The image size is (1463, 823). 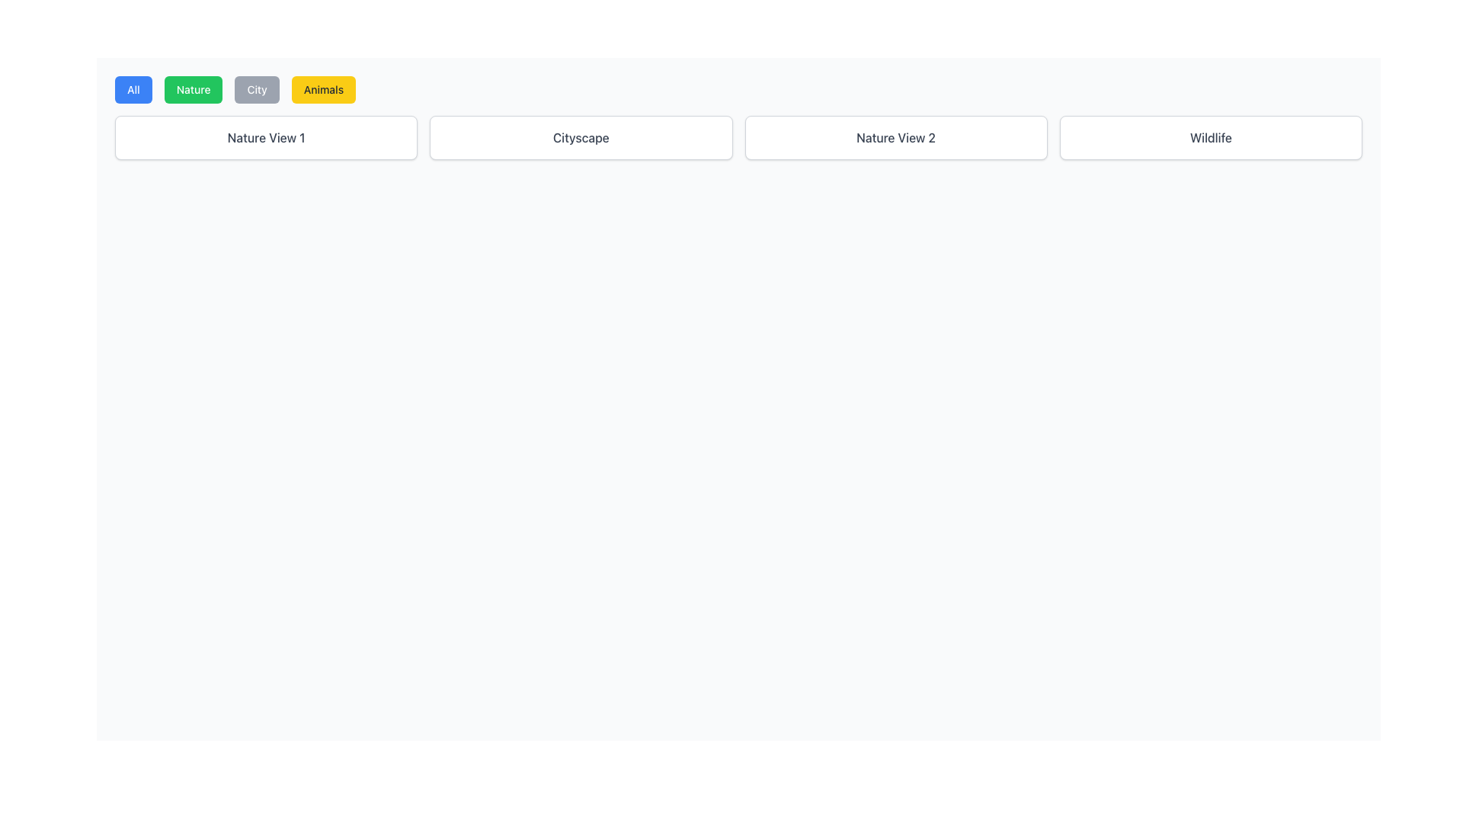 What do you see at coordinates (266, 138) in the screenshot?
I see `the 'Nature View 1' label card, which is the first item in the grid layout, to perform an action with adjacent elements` at bounding box center [266, 138].